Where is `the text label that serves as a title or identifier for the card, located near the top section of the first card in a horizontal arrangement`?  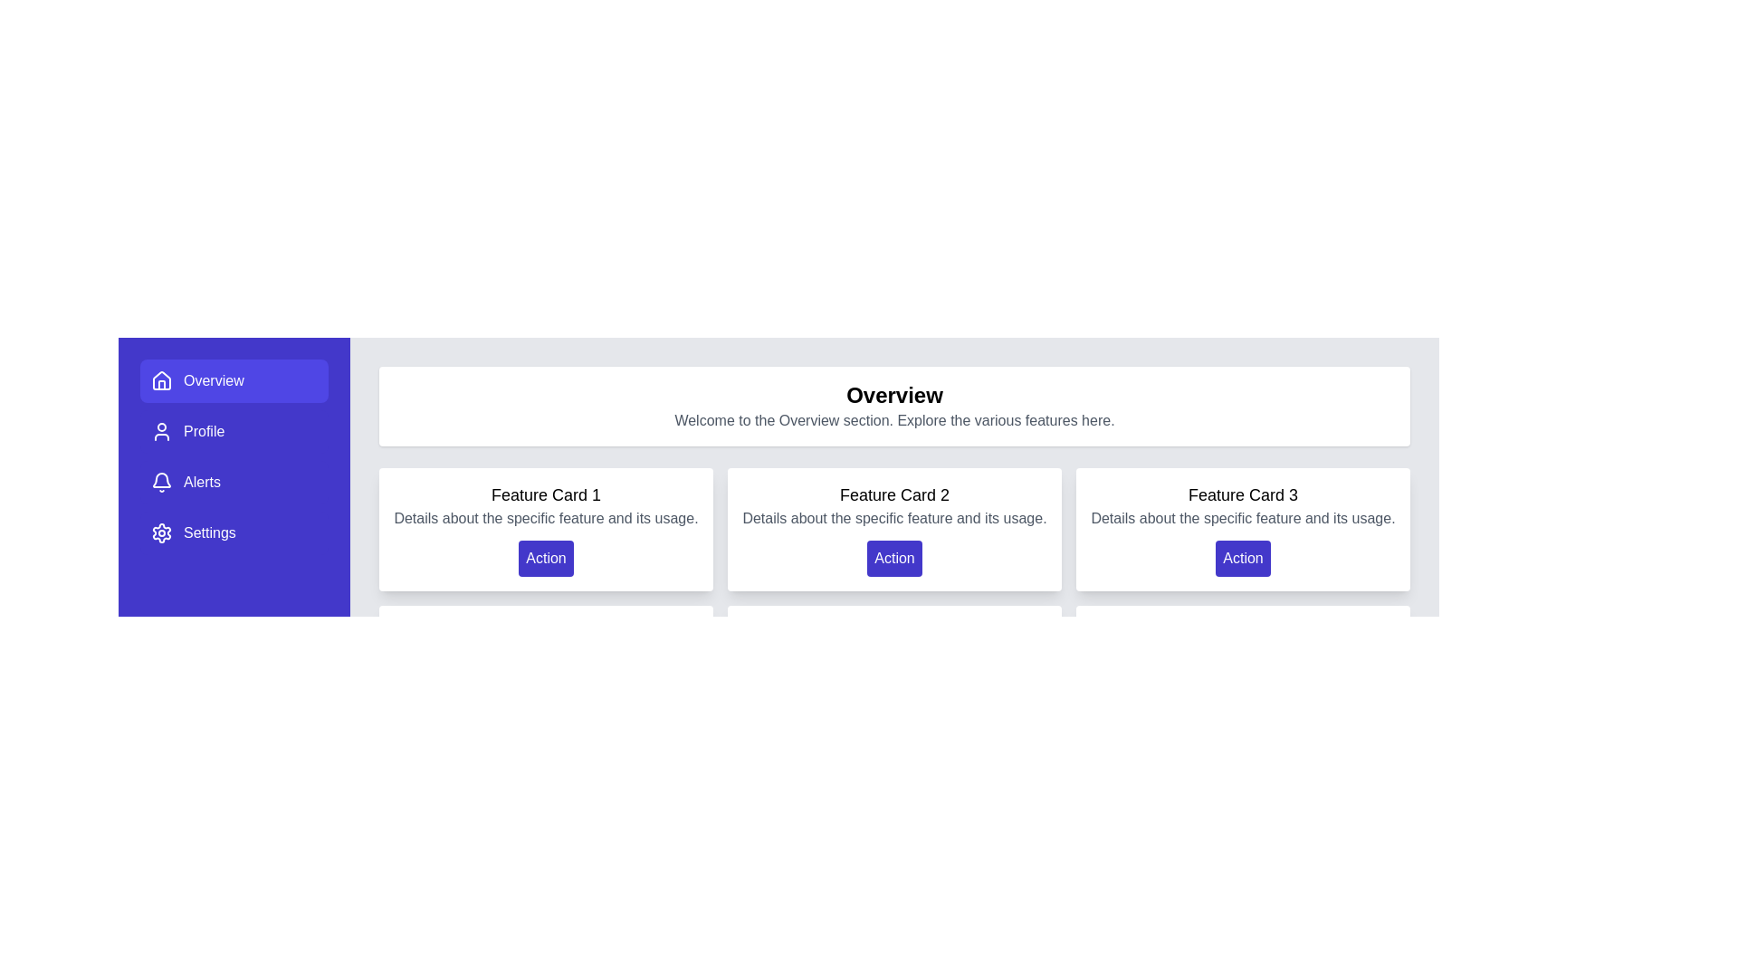 the text label that serves as a title or identifier for the card, located near the top section of the first card in a horizontal arrangement is located at coordinates (545, 495).